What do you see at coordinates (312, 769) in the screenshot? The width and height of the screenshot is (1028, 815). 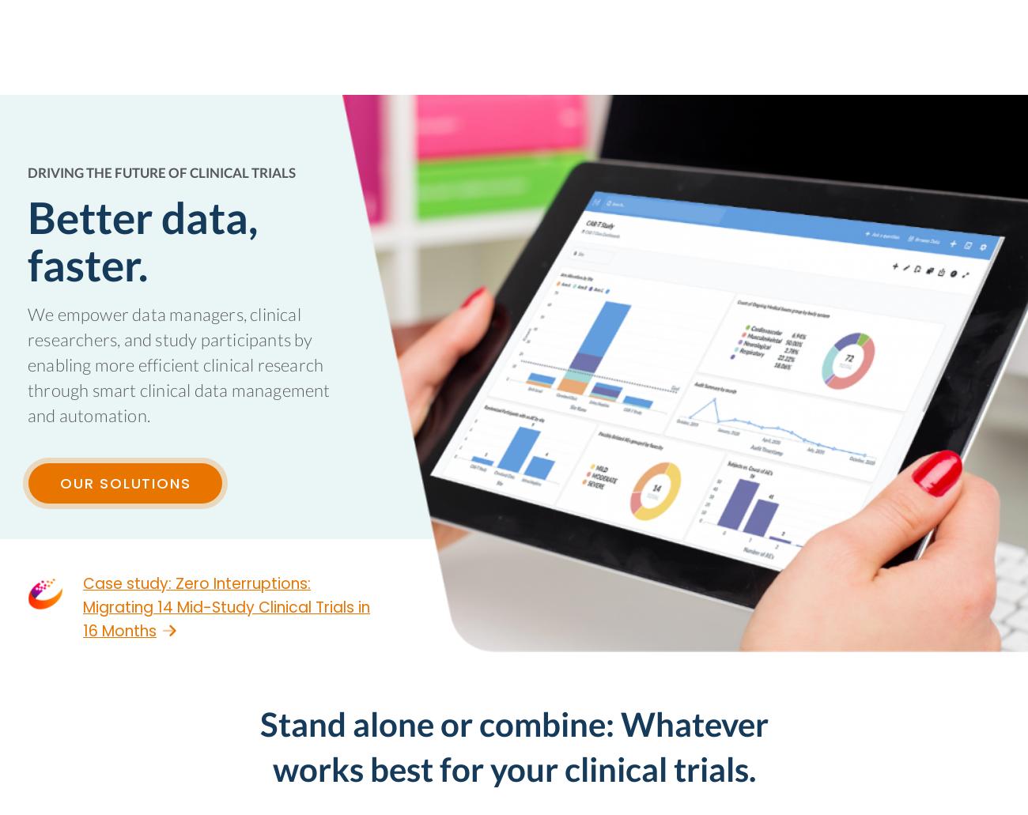 I see `'Business Email'` at bounding box center [312, 769].